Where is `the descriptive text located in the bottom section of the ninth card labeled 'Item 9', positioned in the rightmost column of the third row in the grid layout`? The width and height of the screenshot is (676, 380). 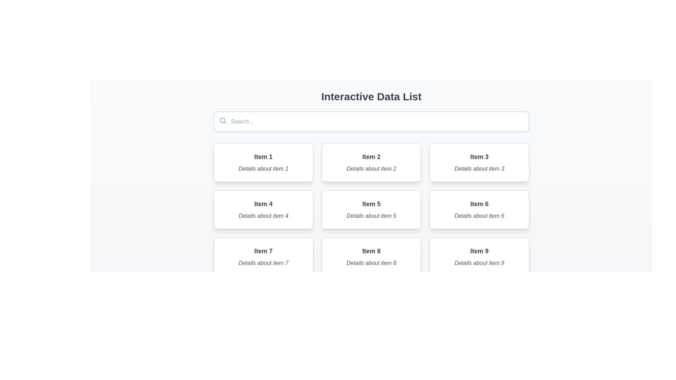 the descriptive text located in the bottom section of the ninth card labeled 'Item 9', positioned in the rightmost column of the third row in the grid layout is located at coordinates (479, 263).